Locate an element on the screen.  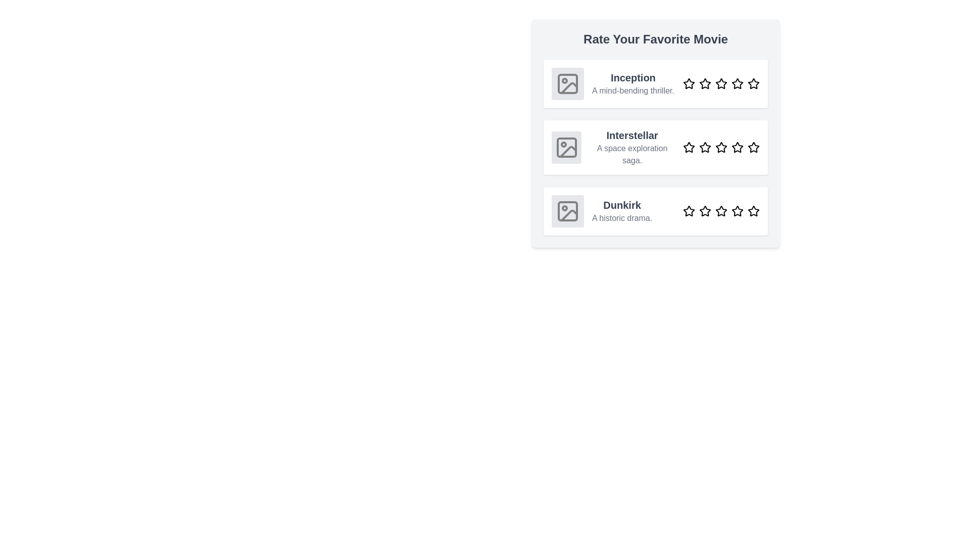
the graphic rectangle that serves as a decorative element within the image icon of the first movie entry 'Inception' is located at coordinates (567, 83).